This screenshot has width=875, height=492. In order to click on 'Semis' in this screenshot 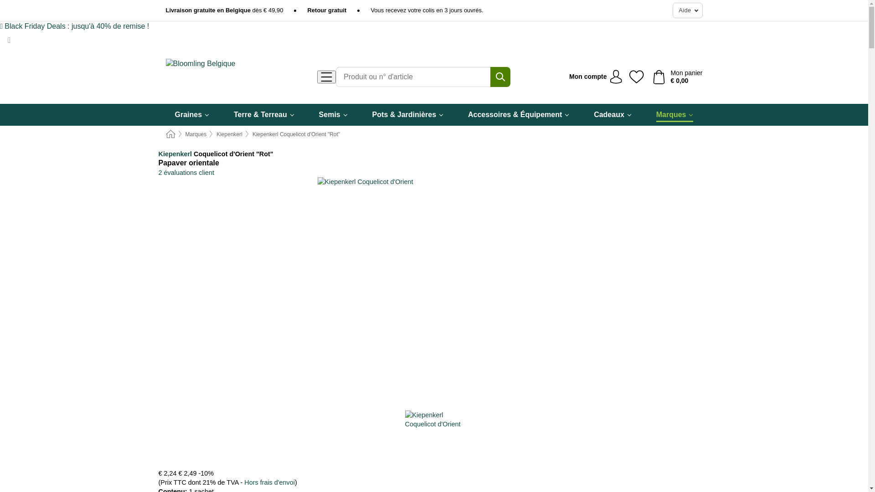, I will do `click(319, 114)`.